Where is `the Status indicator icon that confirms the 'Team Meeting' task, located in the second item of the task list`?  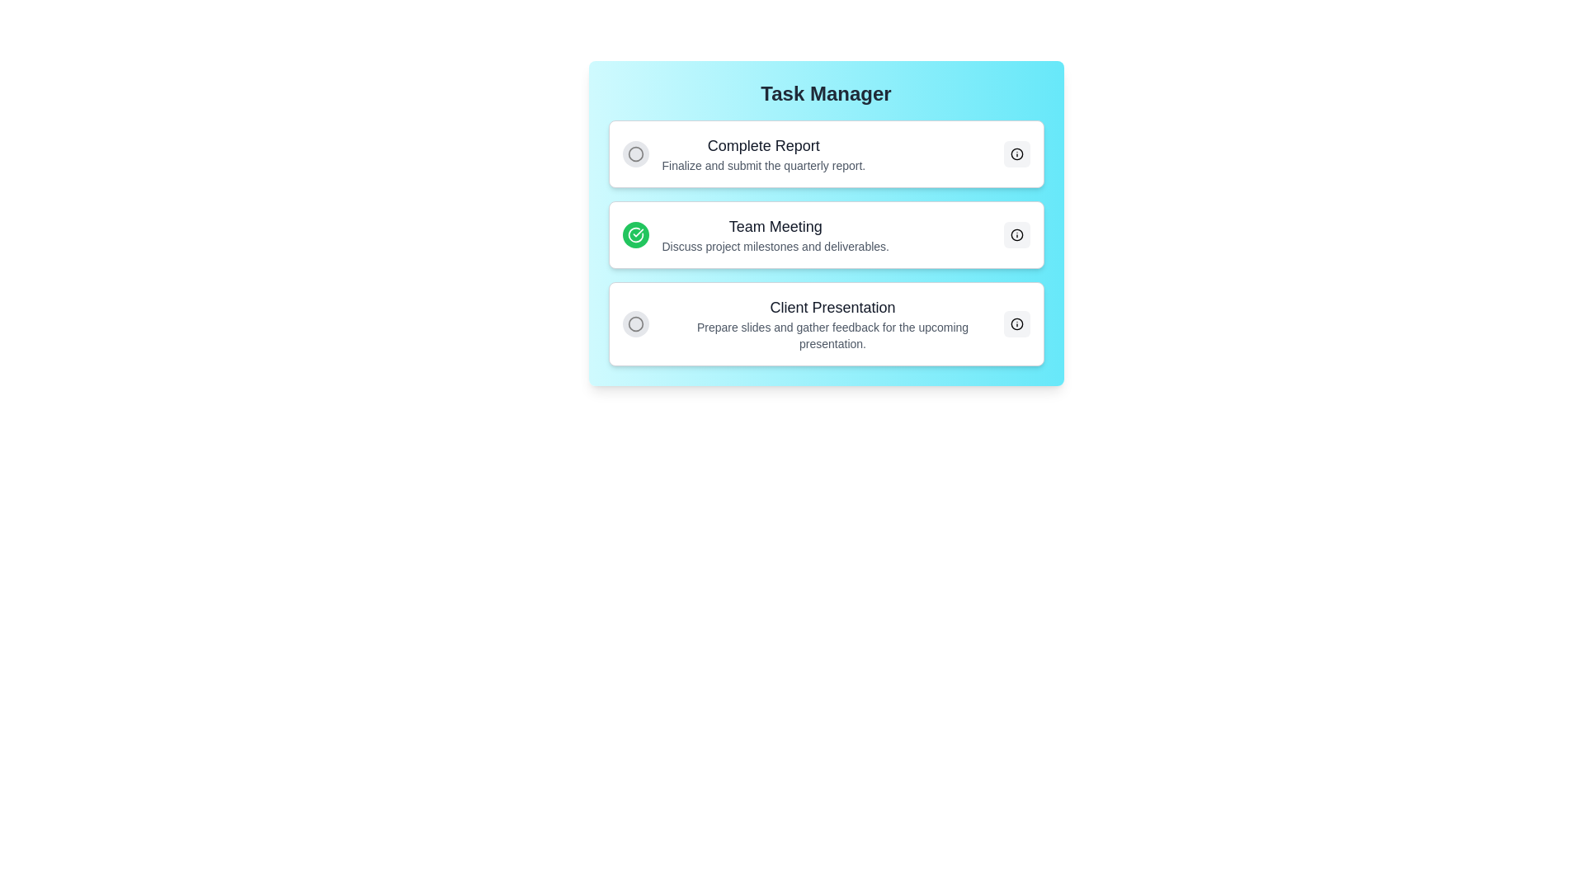
the Status indicator icon that confirms the 'Team Meeting' task, located in the second item of the task list is located at coordinates (634, 235).